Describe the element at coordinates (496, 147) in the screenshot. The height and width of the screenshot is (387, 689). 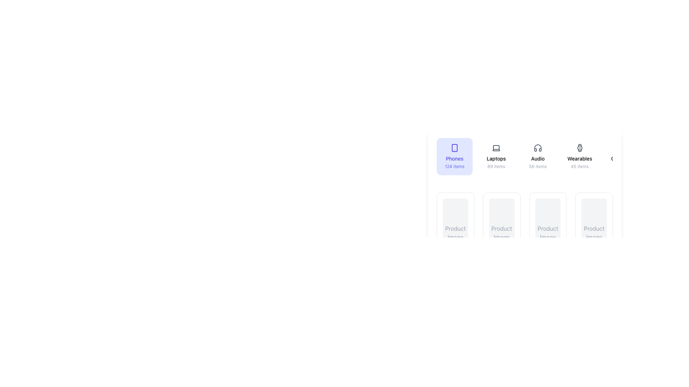
I see `the section below the laptop icon in the 'Laptops' category` at that location.